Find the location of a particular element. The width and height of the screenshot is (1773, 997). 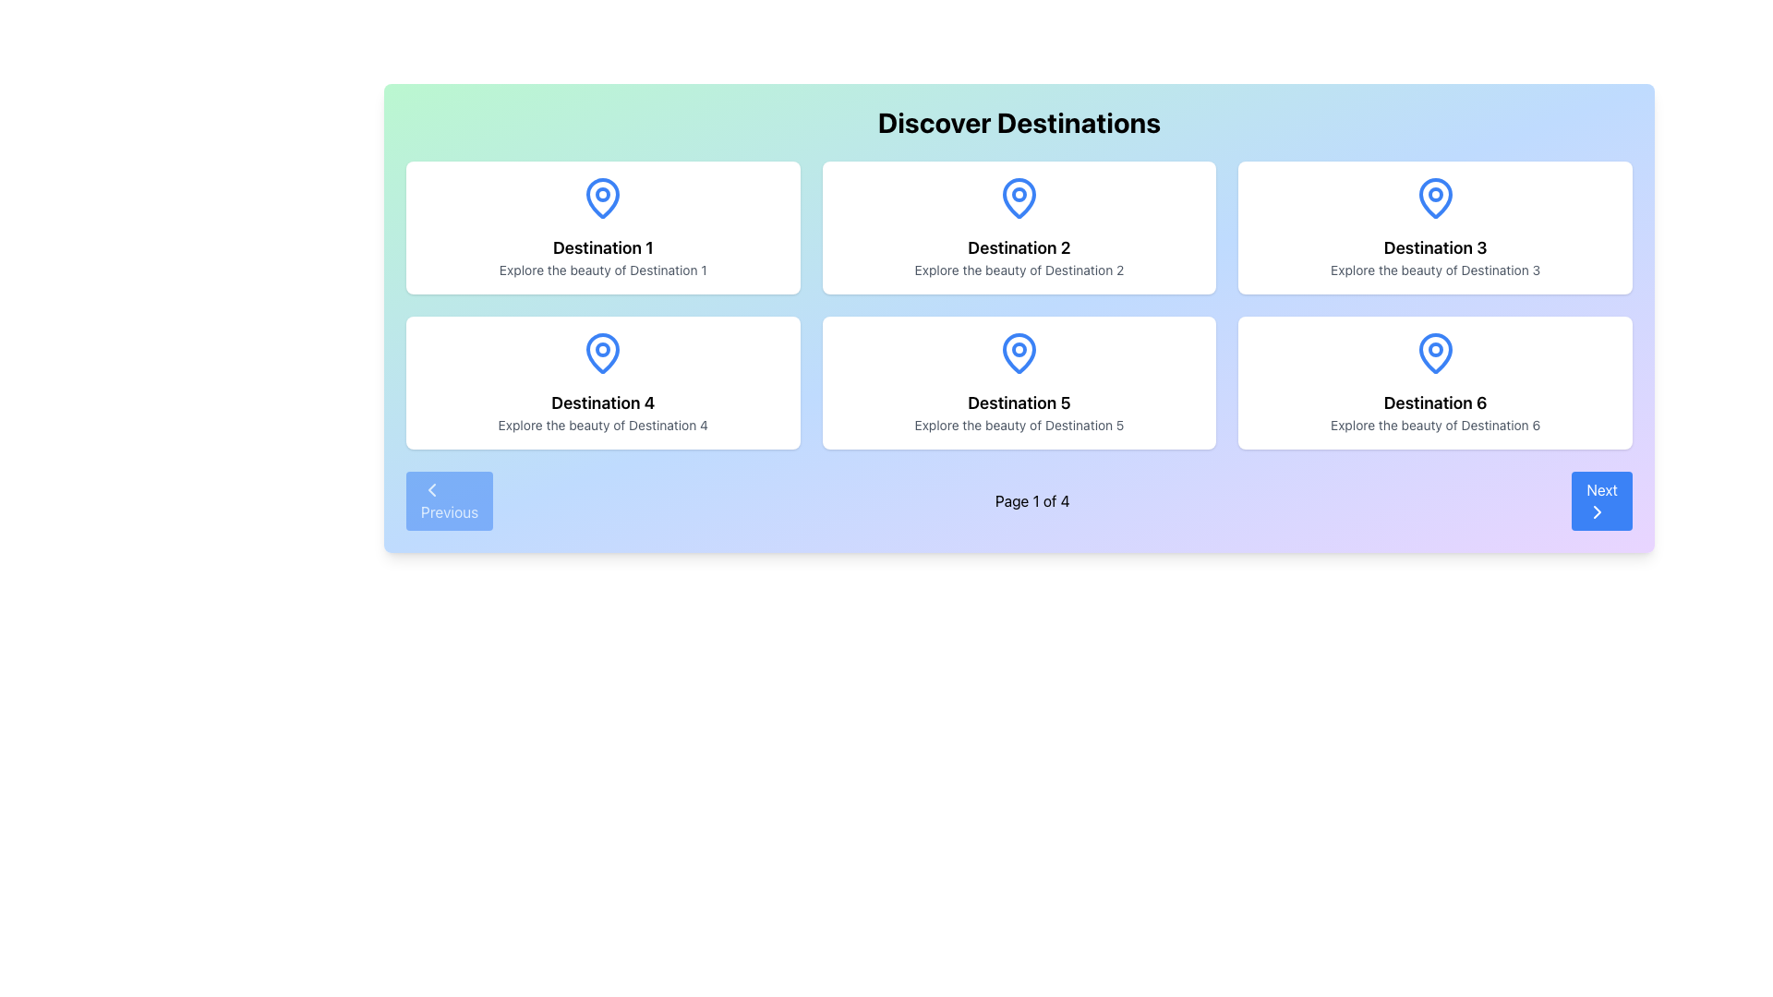

text label identified as the fourth title in the layout grid of destinations, located in the second row, first column of the grid inside a card is located at coordinates (603, 402).